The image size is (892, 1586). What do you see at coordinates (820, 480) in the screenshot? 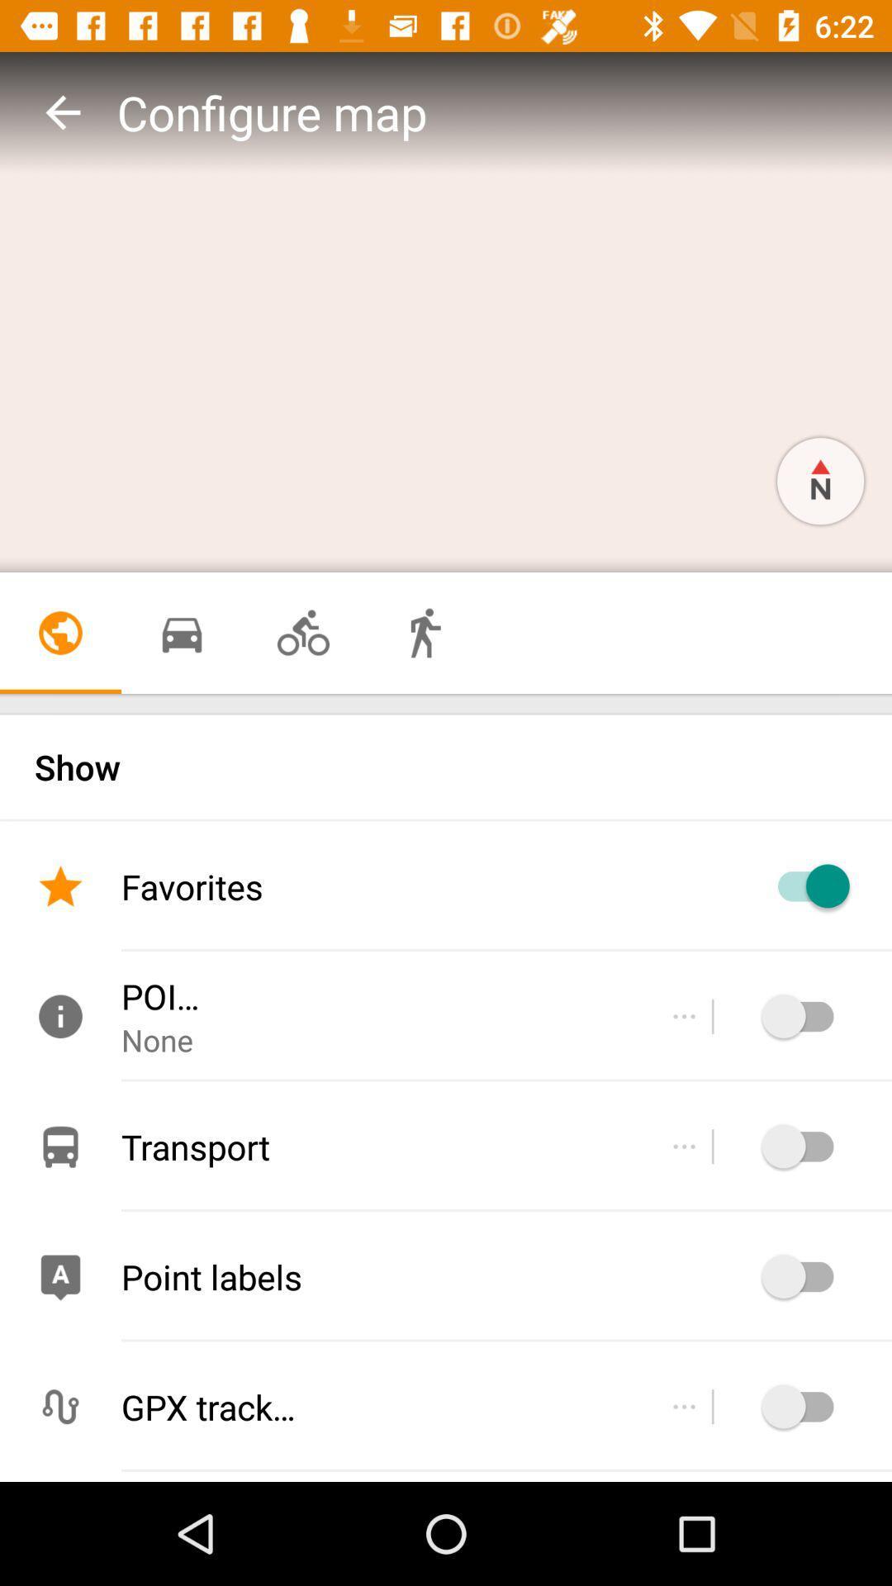
I see `the explore icon` at bounding box center [820, 480].